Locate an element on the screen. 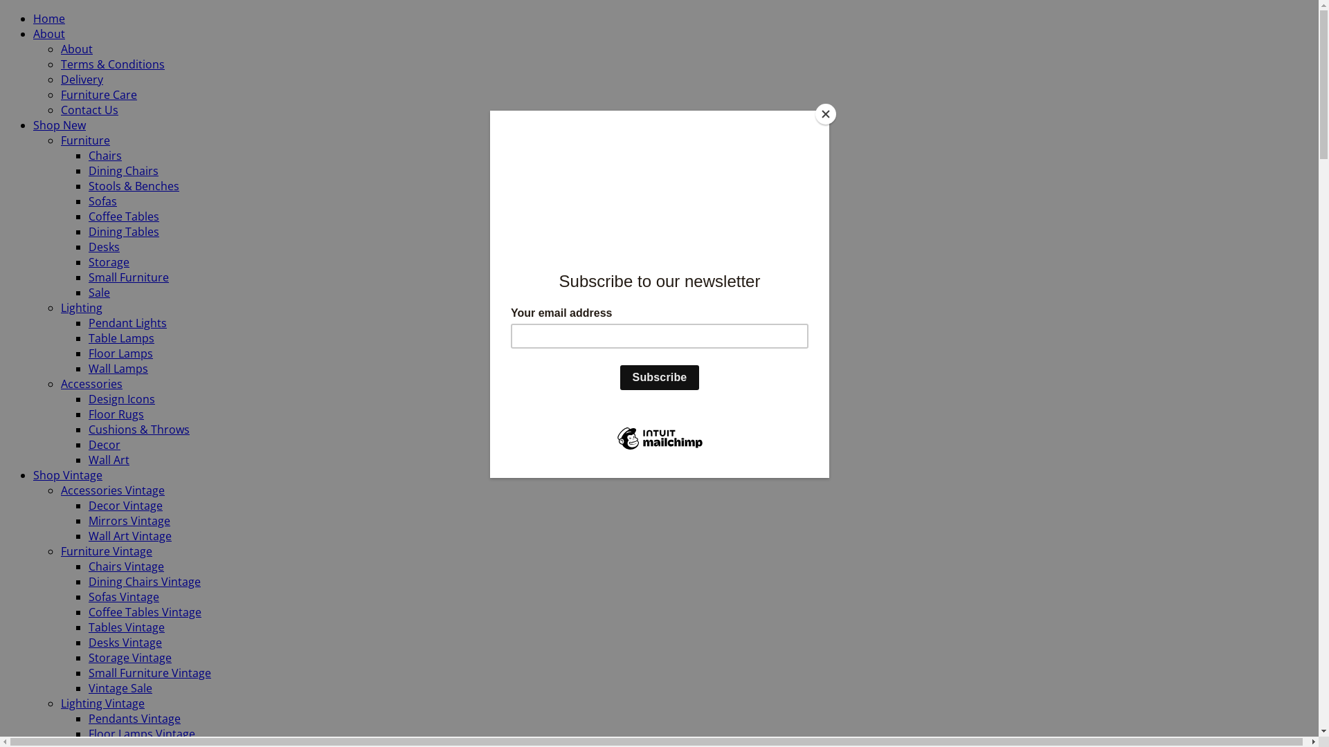 This screenshot has height=747, width=1329. 'Coffee Tables' is located at coordinates (123, 216).